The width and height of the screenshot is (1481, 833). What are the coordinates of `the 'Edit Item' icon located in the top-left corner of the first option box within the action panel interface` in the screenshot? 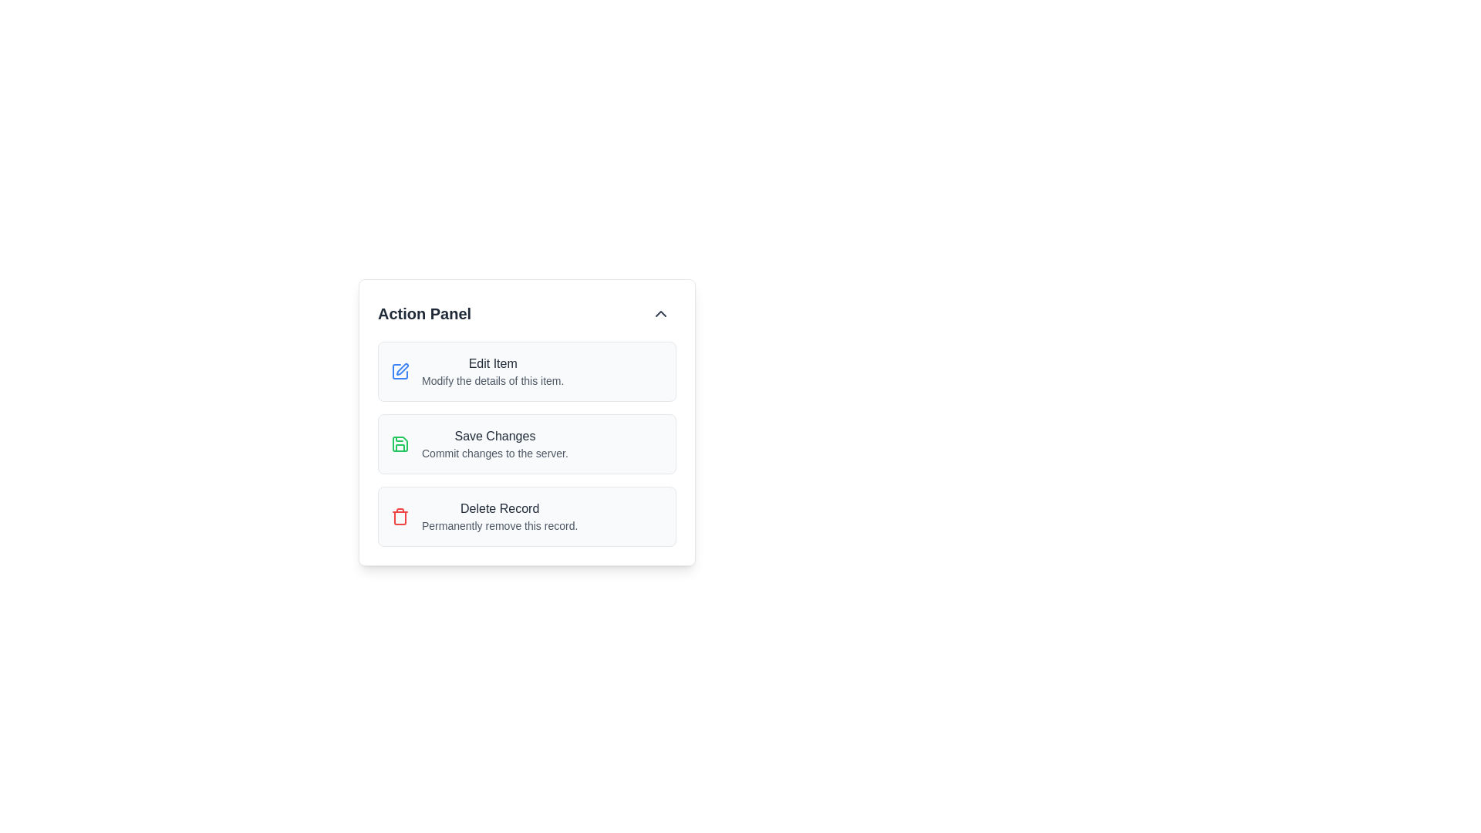 It's located at (400, 372).